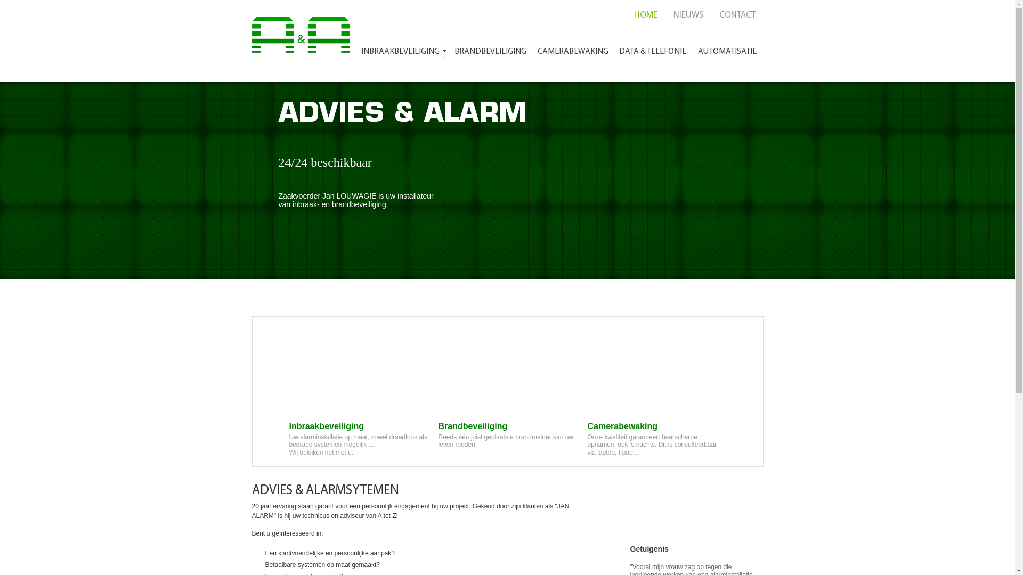 The image size is (1023, 575). What do you see at coordinates (664, 15) in the screenshot?
I see `'NIEUWS'` at bounding box center [664, 15].